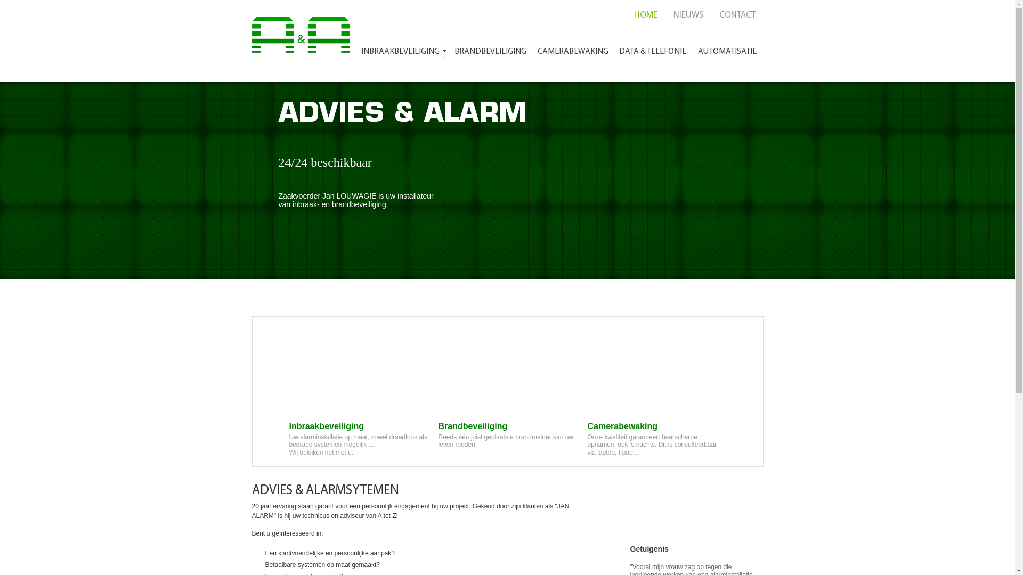 The image size is (1023, 575). What do you see at coordinates (664, 15) in the screenshot?
I see `'NIEUWS'` at bounding box center [664, 15].